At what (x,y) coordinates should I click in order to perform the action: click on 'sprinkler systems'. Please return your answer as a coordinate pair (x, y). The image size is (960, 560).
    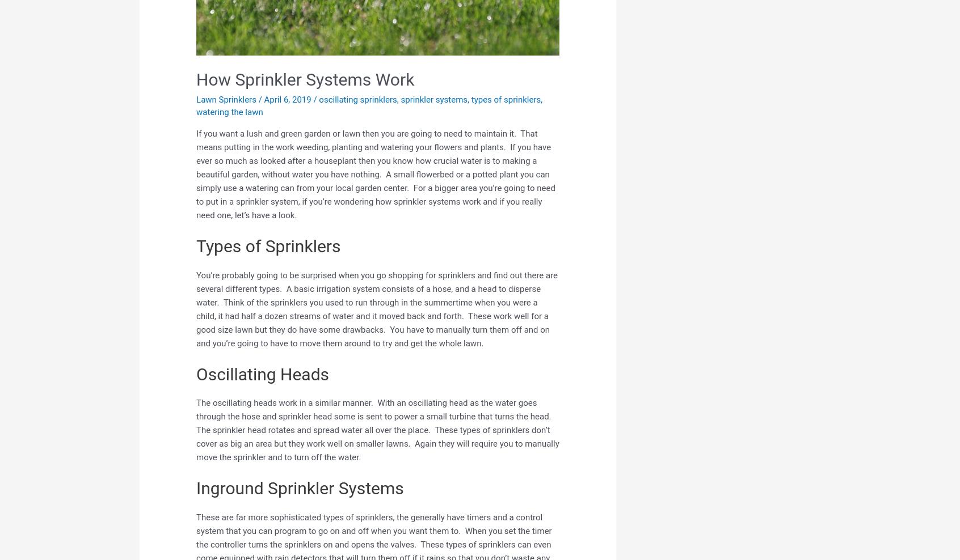
    Looking at the image, I should click on (433, 98).